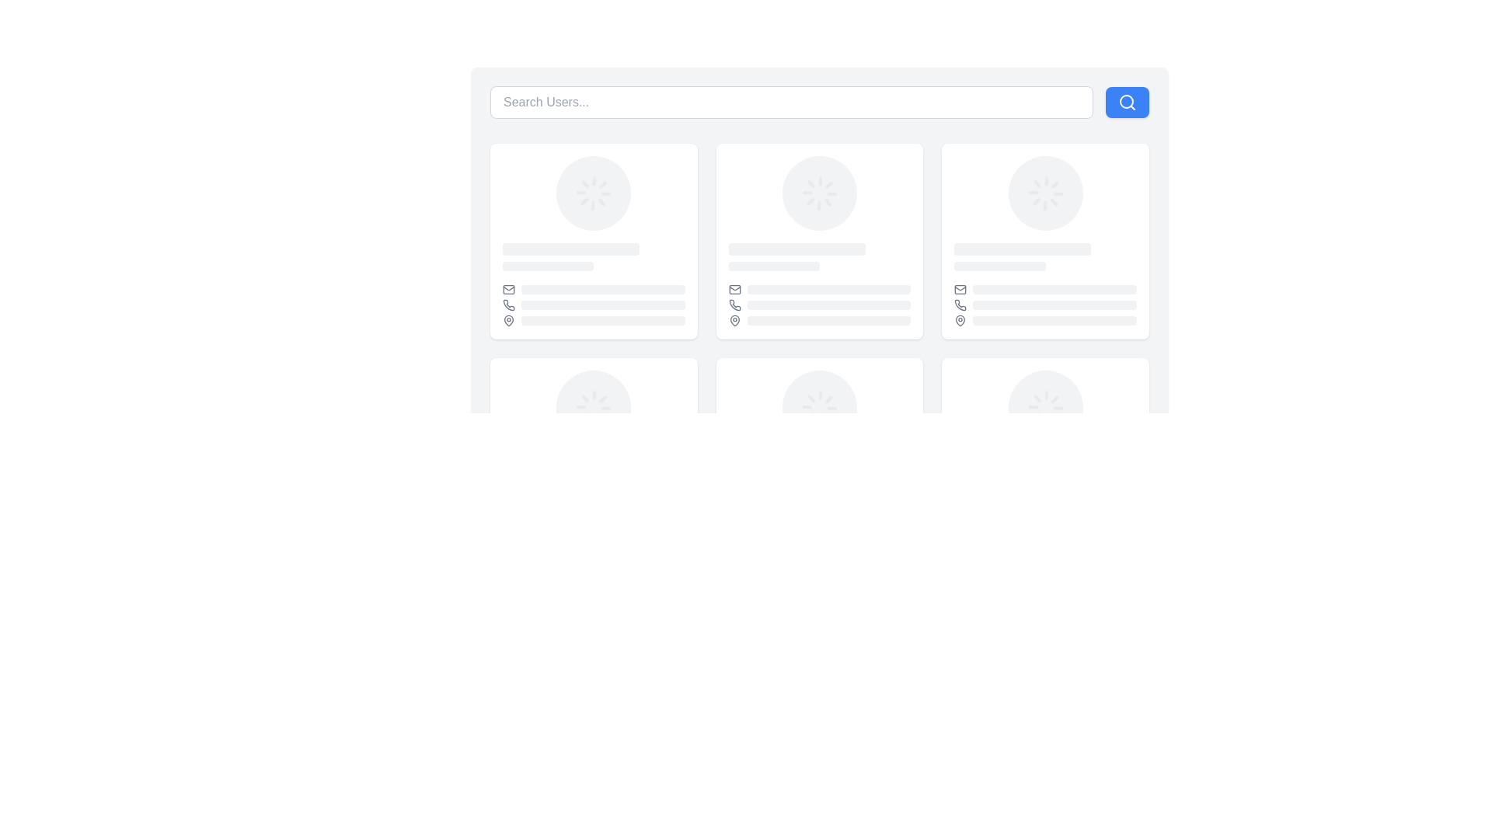 This screenshot has height=839, width=1492. Describe the element at coordinates (1126, 102) in the screenshot. I see `the SVG circle element representing the lens of the search icon located at the top-right corner of the application's interface` at that location.